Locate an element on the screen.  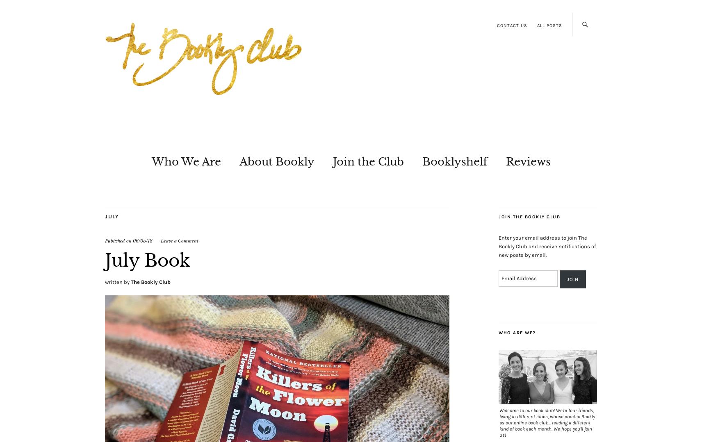
'Join' is located at coordinates (572, 279).